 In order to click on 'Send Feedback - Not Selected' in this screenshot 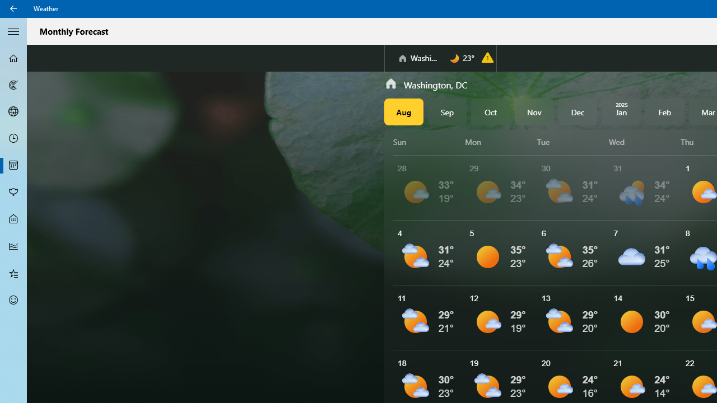, I will do `click(13, 299)`.